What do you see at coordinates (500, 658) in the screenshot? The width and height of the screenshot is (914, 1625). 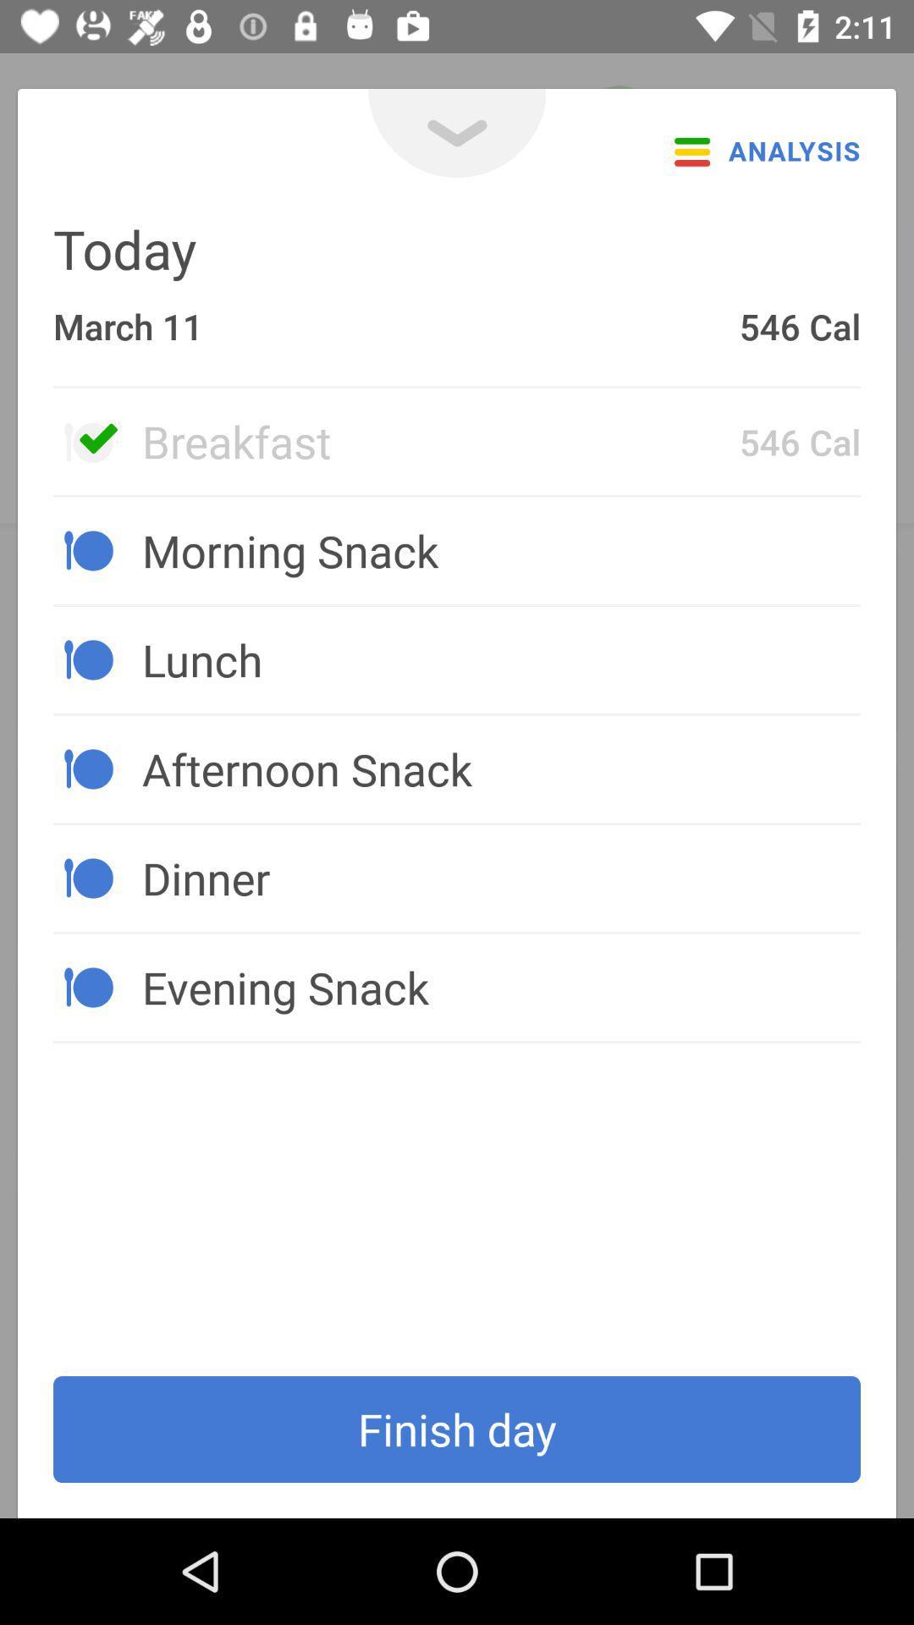 I see `item above afternoon snack item` at bounding box center [500, 658].